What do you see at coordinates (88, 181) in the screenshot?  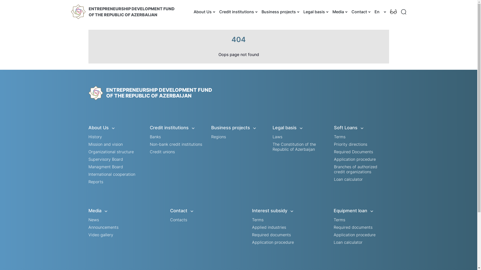 I see `'Reports'` at bounding box center [88, 181].